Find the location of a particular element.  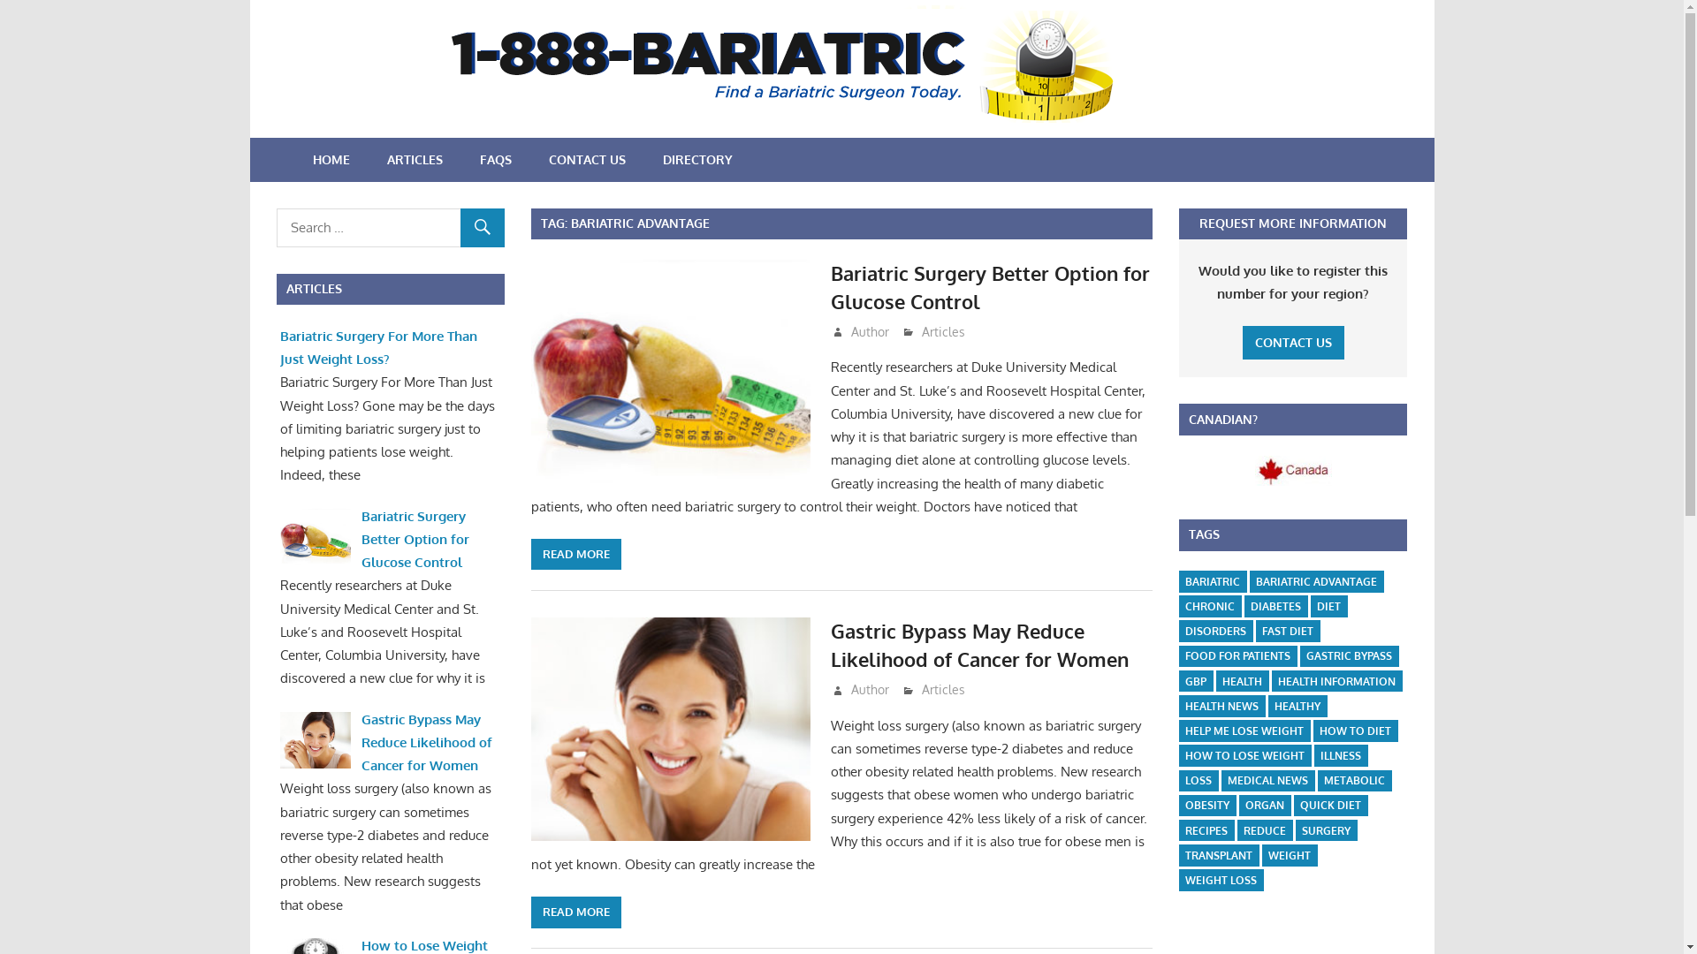

'Author' is located at coordinates (870, 688).